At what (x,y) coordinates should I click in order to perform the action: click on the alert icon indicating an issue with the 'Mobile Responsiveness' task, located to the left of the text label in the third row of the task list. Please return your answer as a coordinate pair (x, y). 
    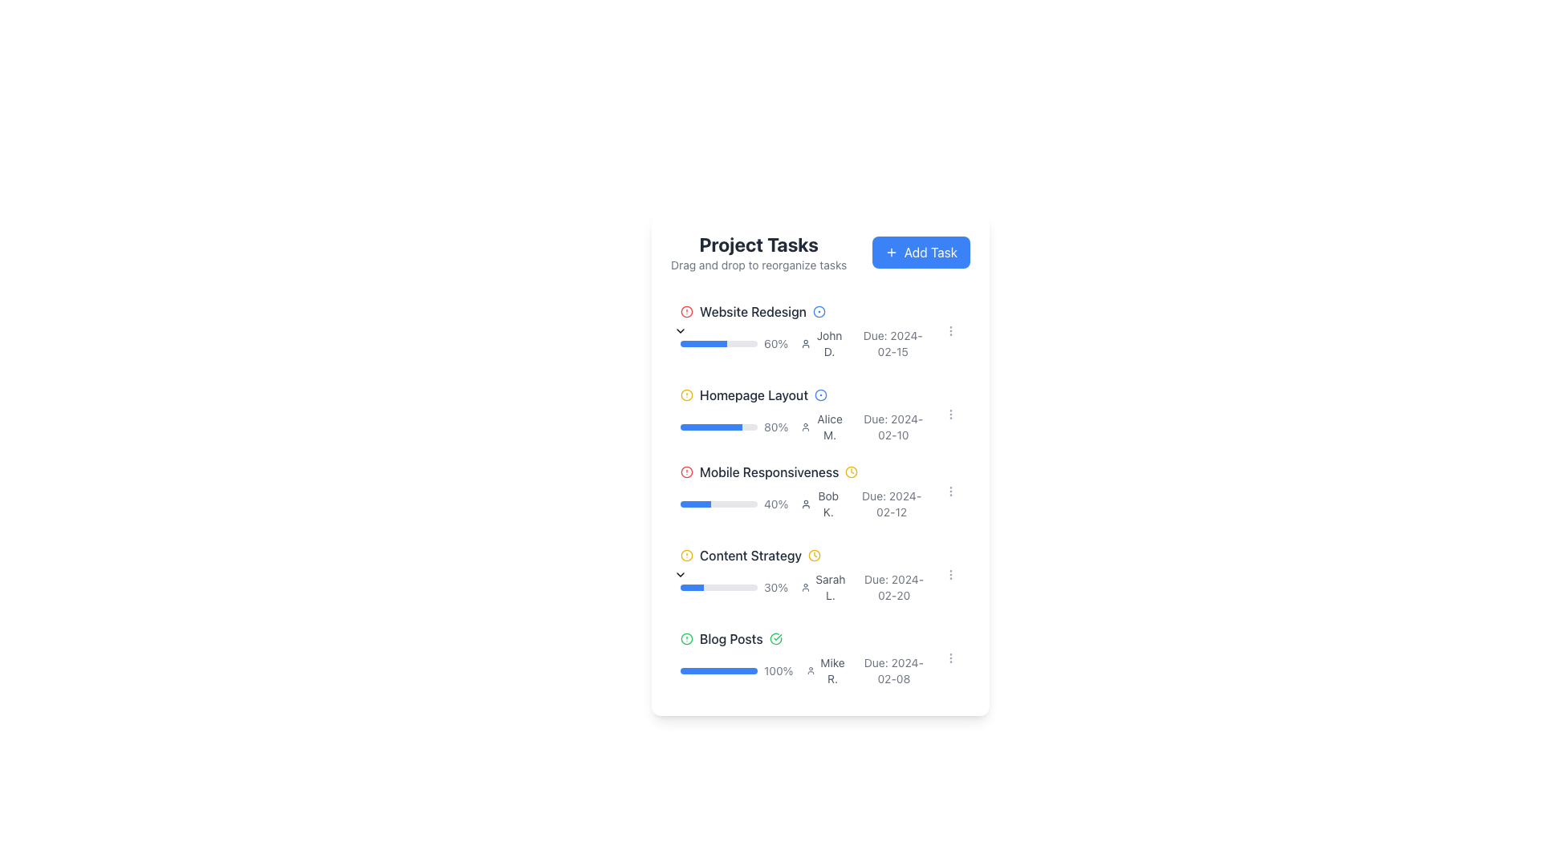
    Looking at the image, I should click on (686, 471).